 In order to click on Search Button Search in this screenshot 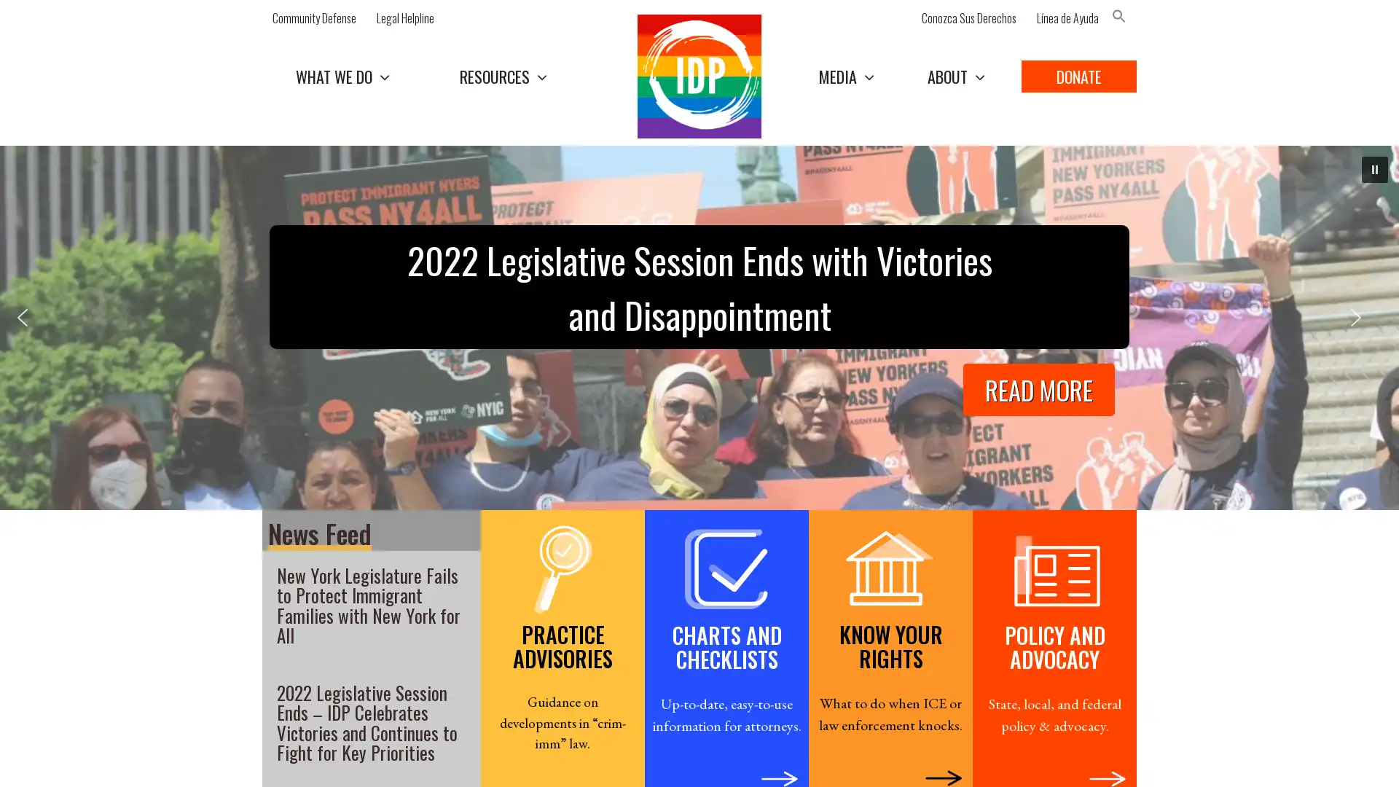, I will do `click(1149, 47)`.